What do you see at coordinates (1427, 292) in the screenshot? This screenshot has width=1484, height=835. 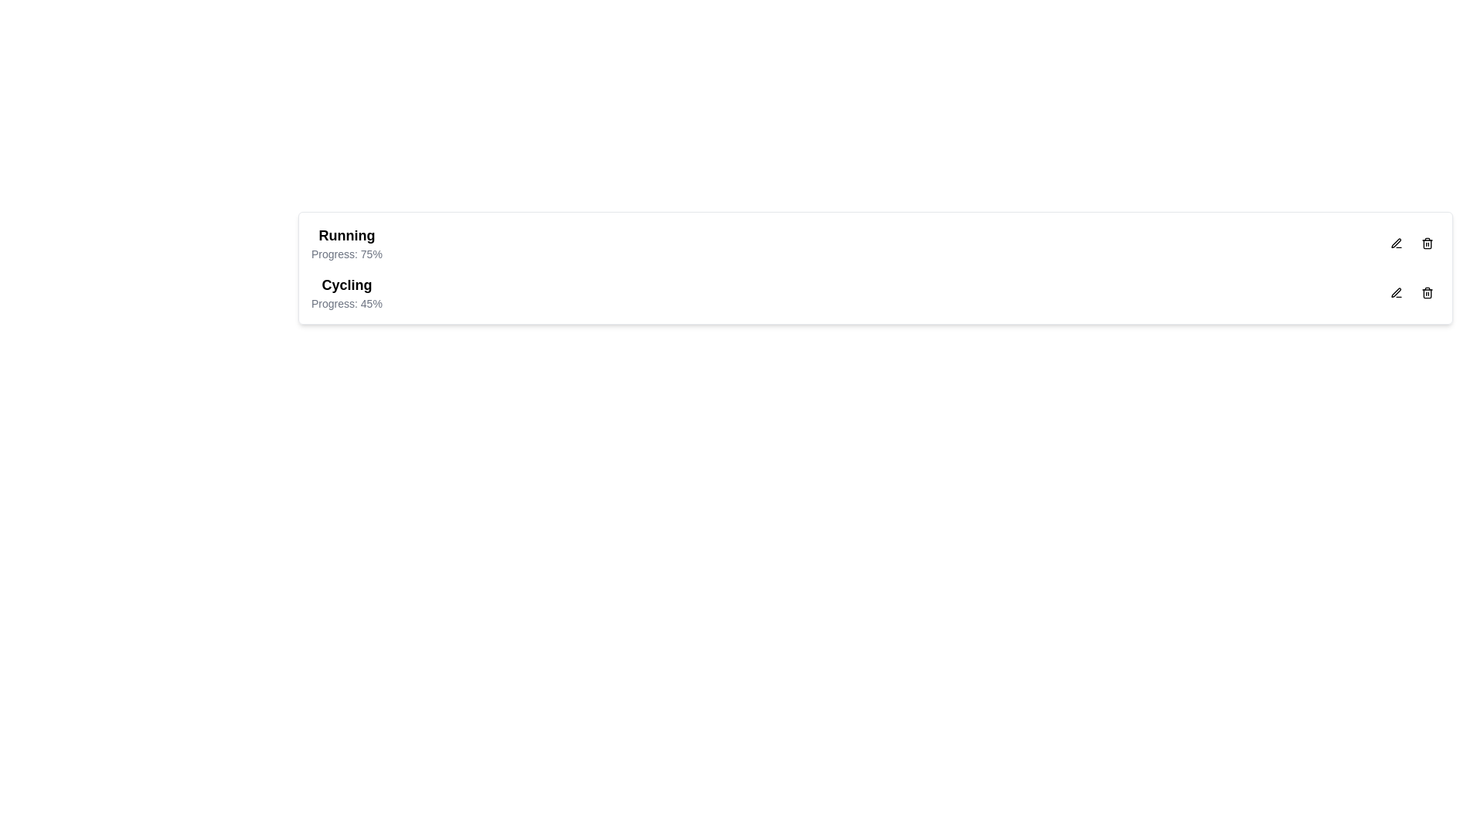 I see `the circular trash can button next to the edit icon in the options area of the 'Cycling' task card` at bounding box center [1427, 292].